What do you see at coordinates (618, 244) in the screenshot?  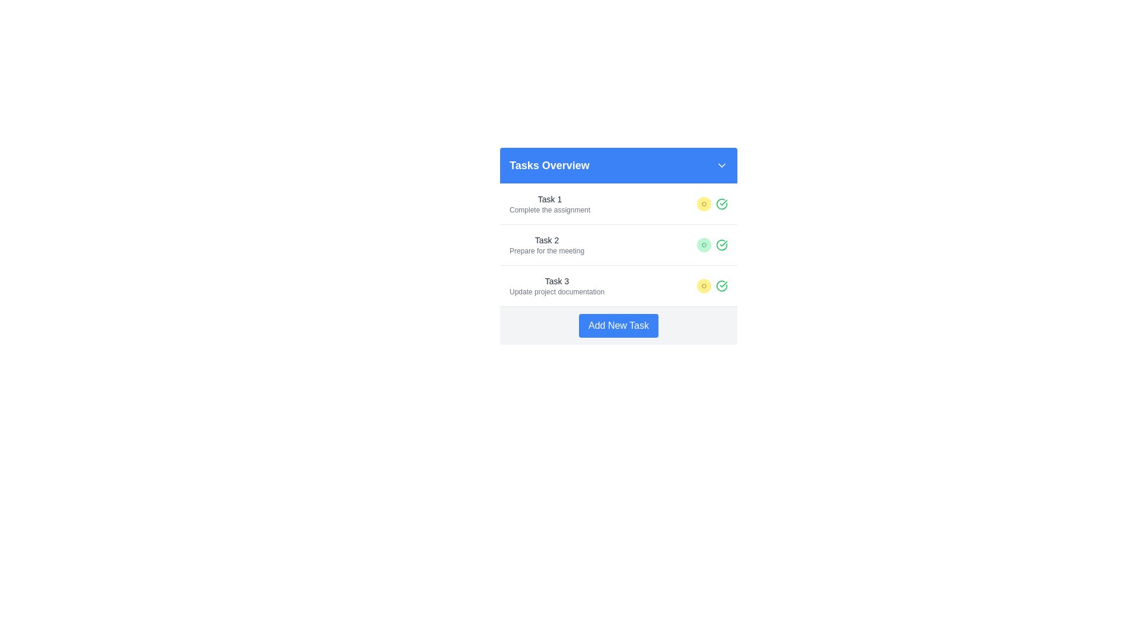 I see `the second task item, 'Task 2', in the task list` at bounding box center [618, 244].